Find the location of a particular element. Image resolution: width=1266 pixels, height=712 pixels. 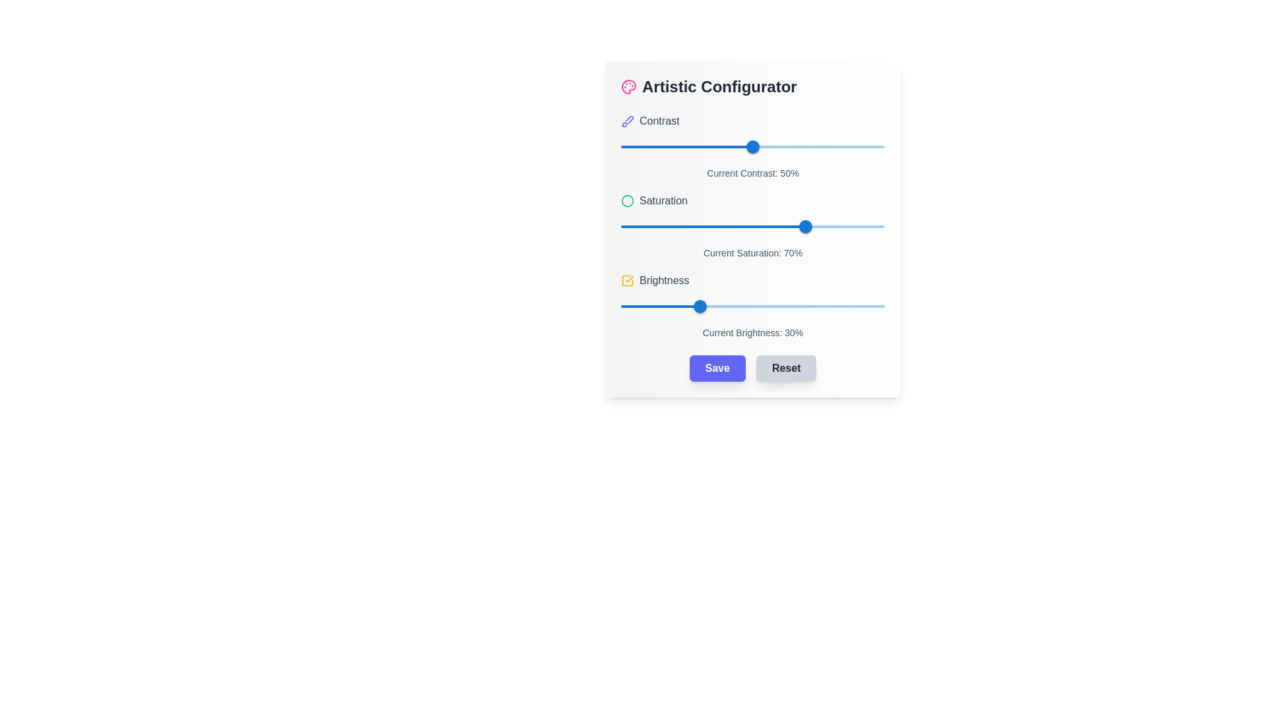

the Title with Icon element located at the top of the card interface is located at coordinates (753, 86).